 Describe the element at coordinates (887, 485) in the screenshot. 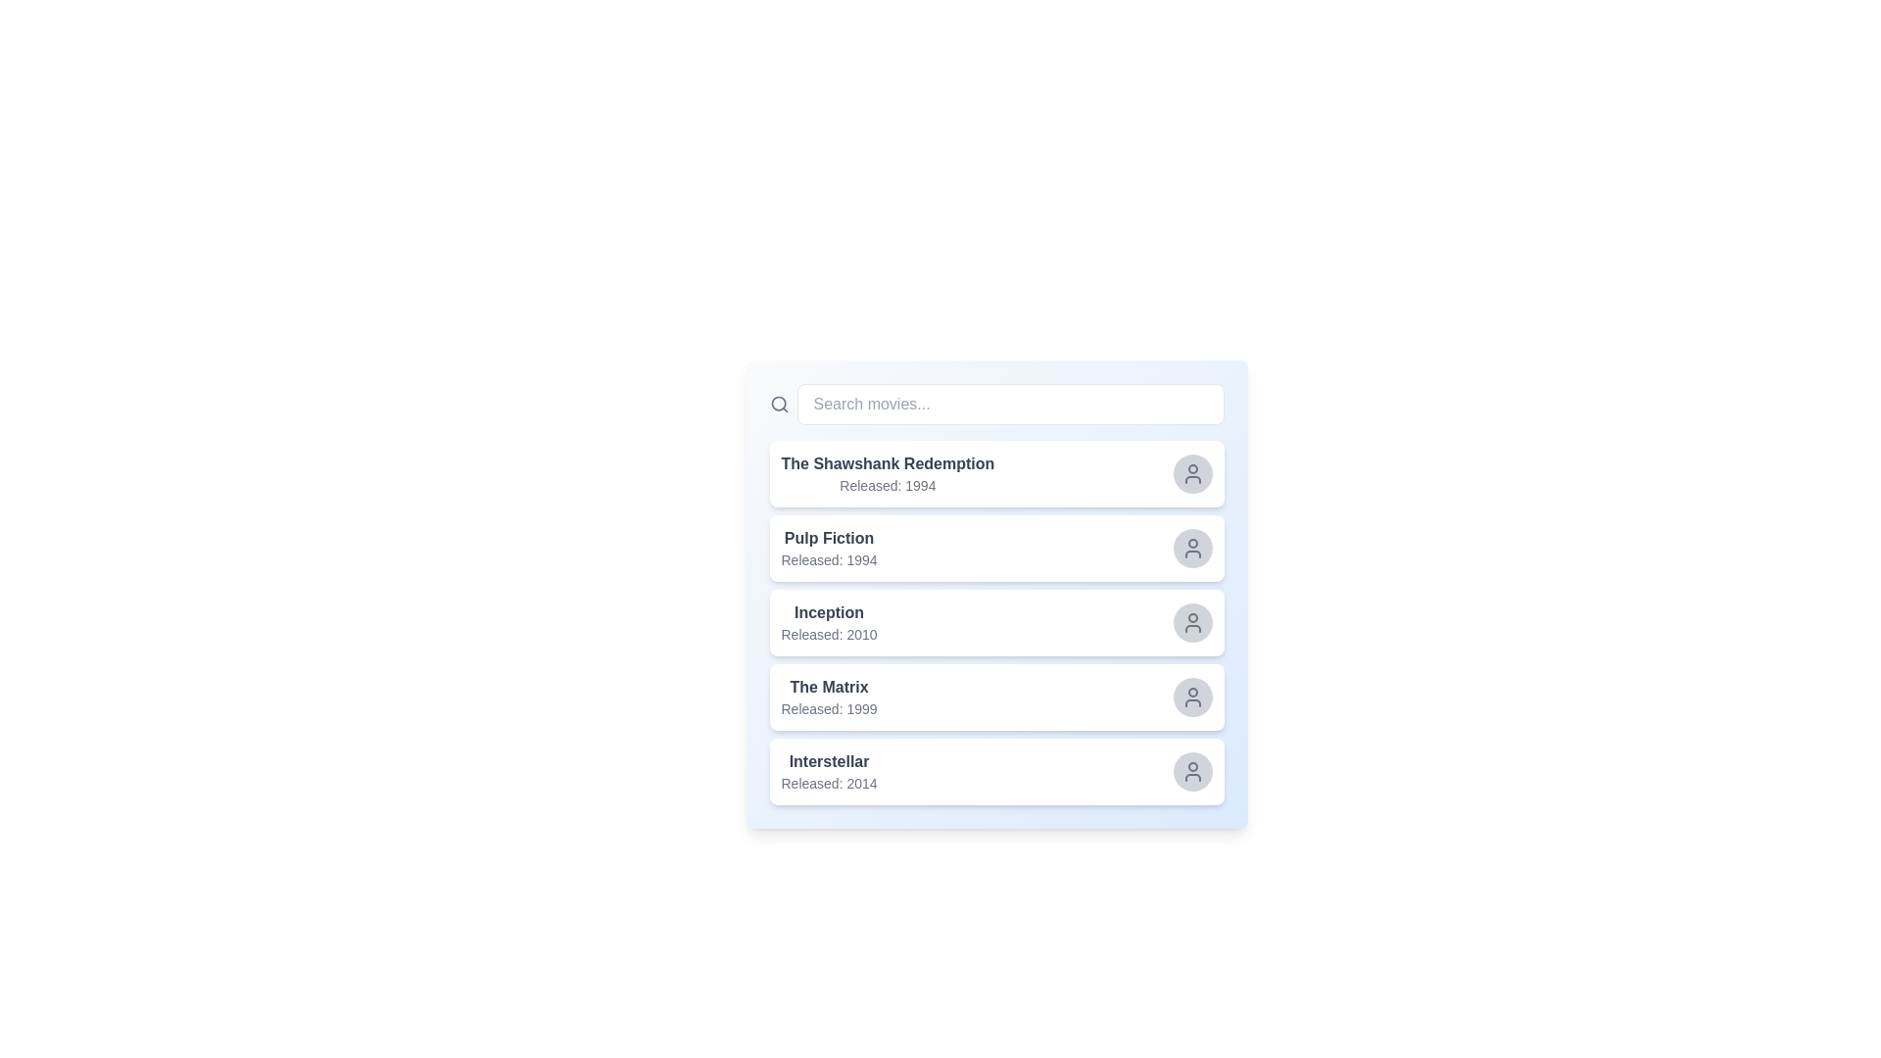

I see `the text displaying the release year of 'The Shawshank Redemption', which is located beneath the movie title and is the first element among similar elements` at that location.